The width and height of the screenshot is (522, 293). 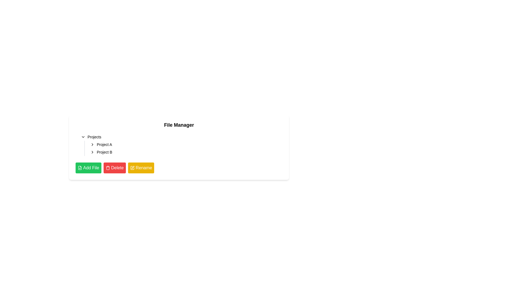 I want to click on the square-shaped pen icon located to the left of the 'Rename' button, so click(x=132, y=167).